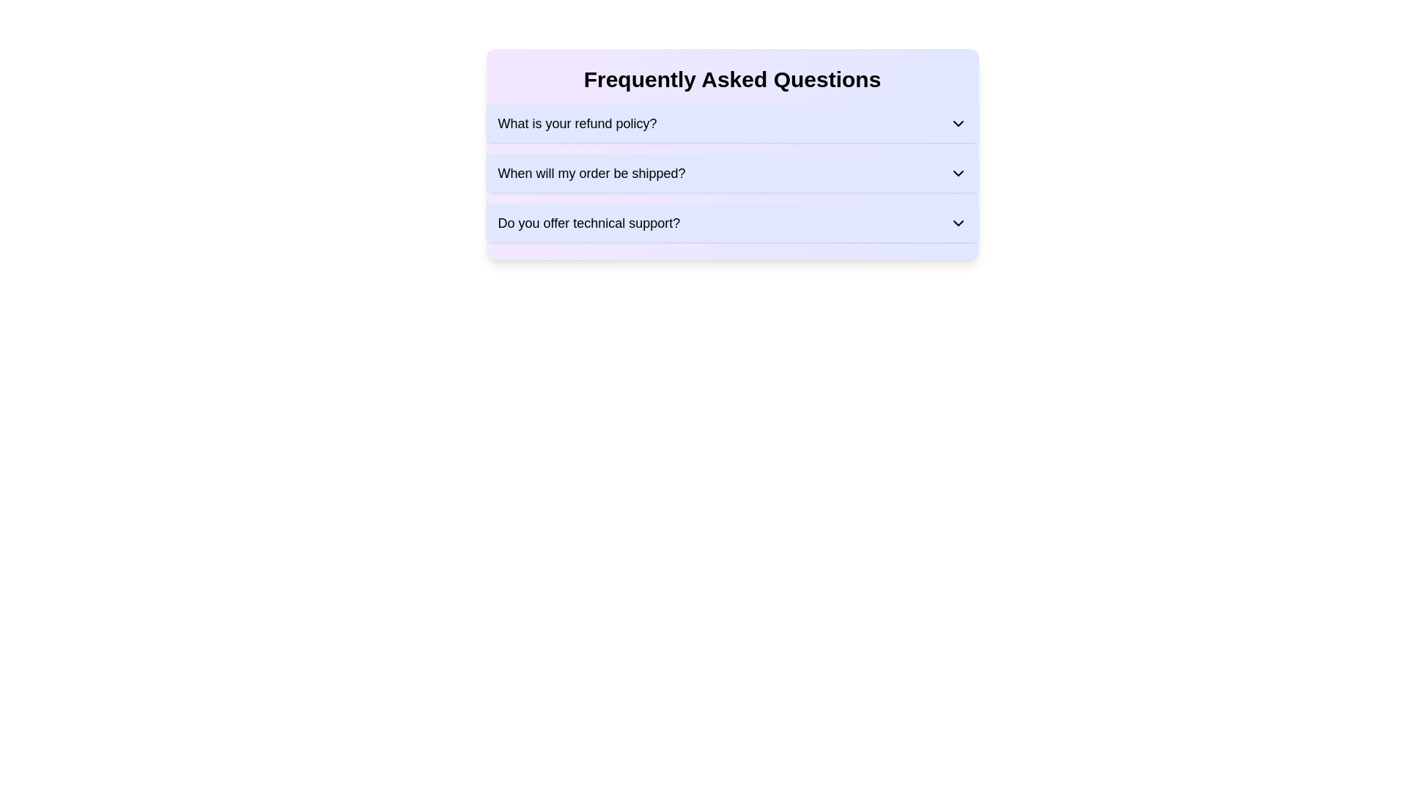 This screenshot has width=1407, height=791. Describe the element at coordinates (591, 172) in the screenshot. I see `the label containing the text 'When will my order be shipped?' which is styled with a medium-sized font and positioned in the center of a light blue rectangle, located in the second row of the Frequently Asked Questions list` at that location.